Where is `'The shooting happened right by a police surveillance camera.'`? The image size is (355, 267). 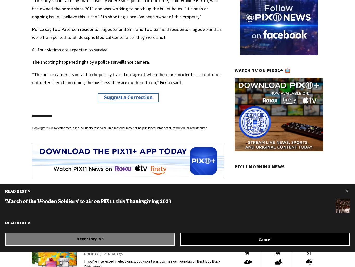
'The shooting happened right by a police surveillance camera.' is located at coordinates (90, 62).